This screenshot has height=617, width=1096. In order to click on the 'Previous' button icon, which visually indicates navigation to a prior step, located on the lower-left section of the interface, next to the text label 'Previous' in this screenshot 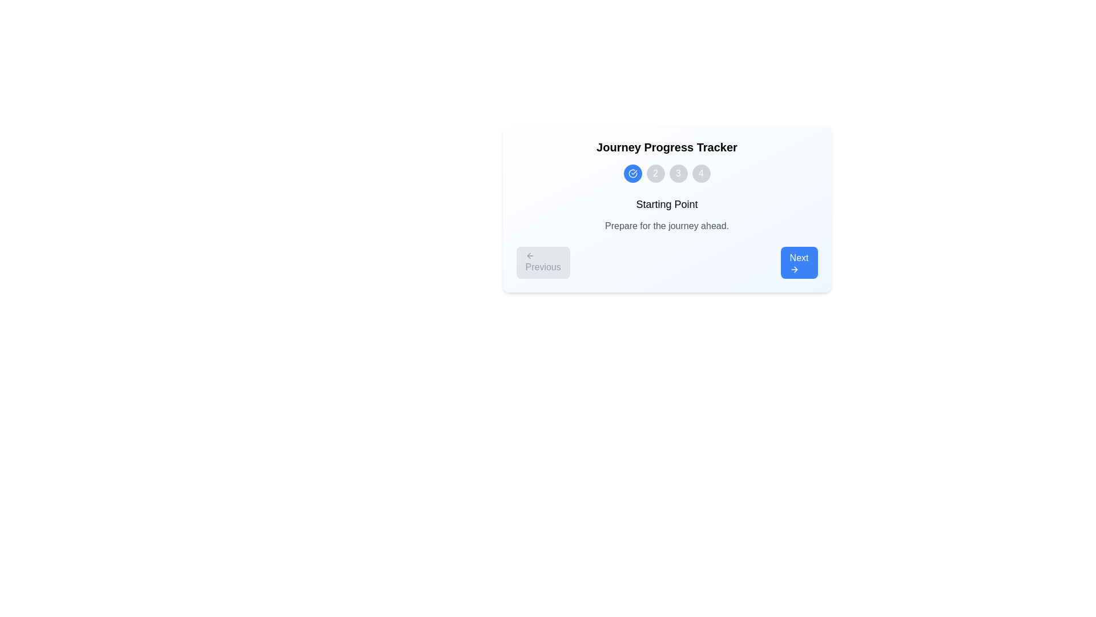, I will do `click(529, 255)`.